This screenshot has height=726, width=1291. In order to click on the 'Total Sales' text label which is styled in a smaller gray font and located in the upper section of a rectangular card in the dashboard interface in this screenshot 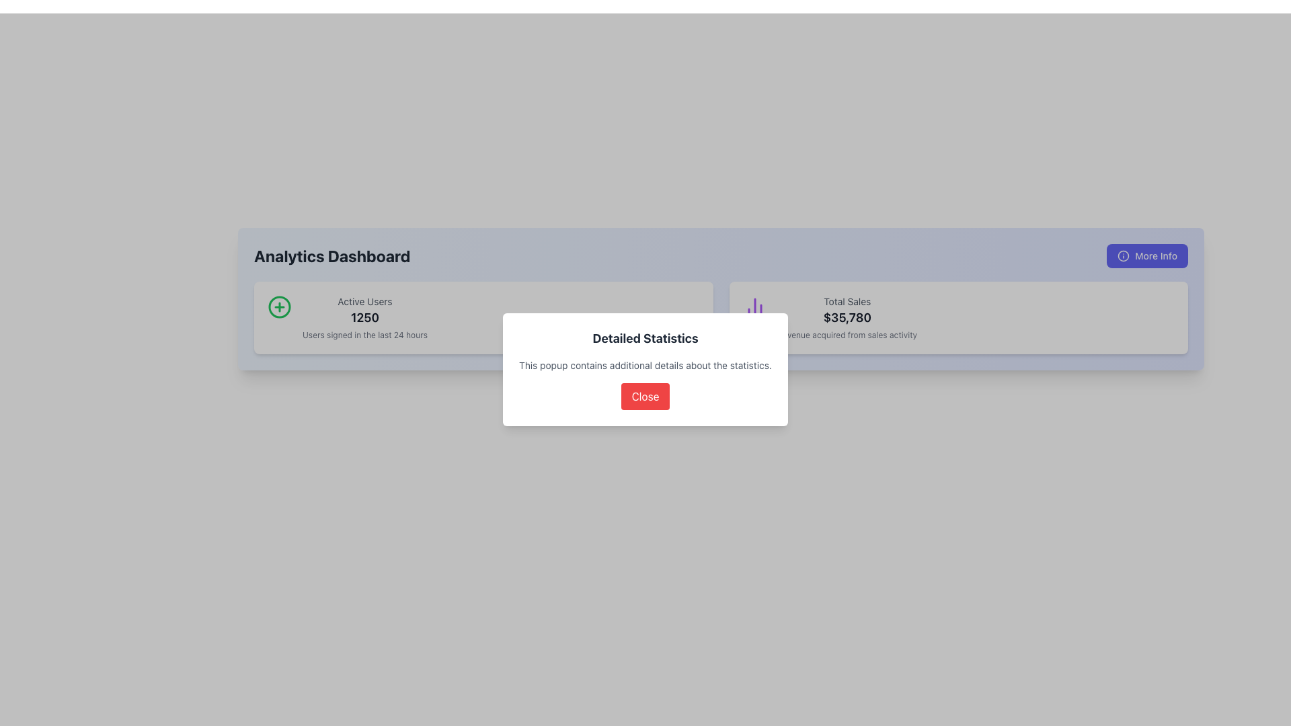, I will do `click(847, 300)`.